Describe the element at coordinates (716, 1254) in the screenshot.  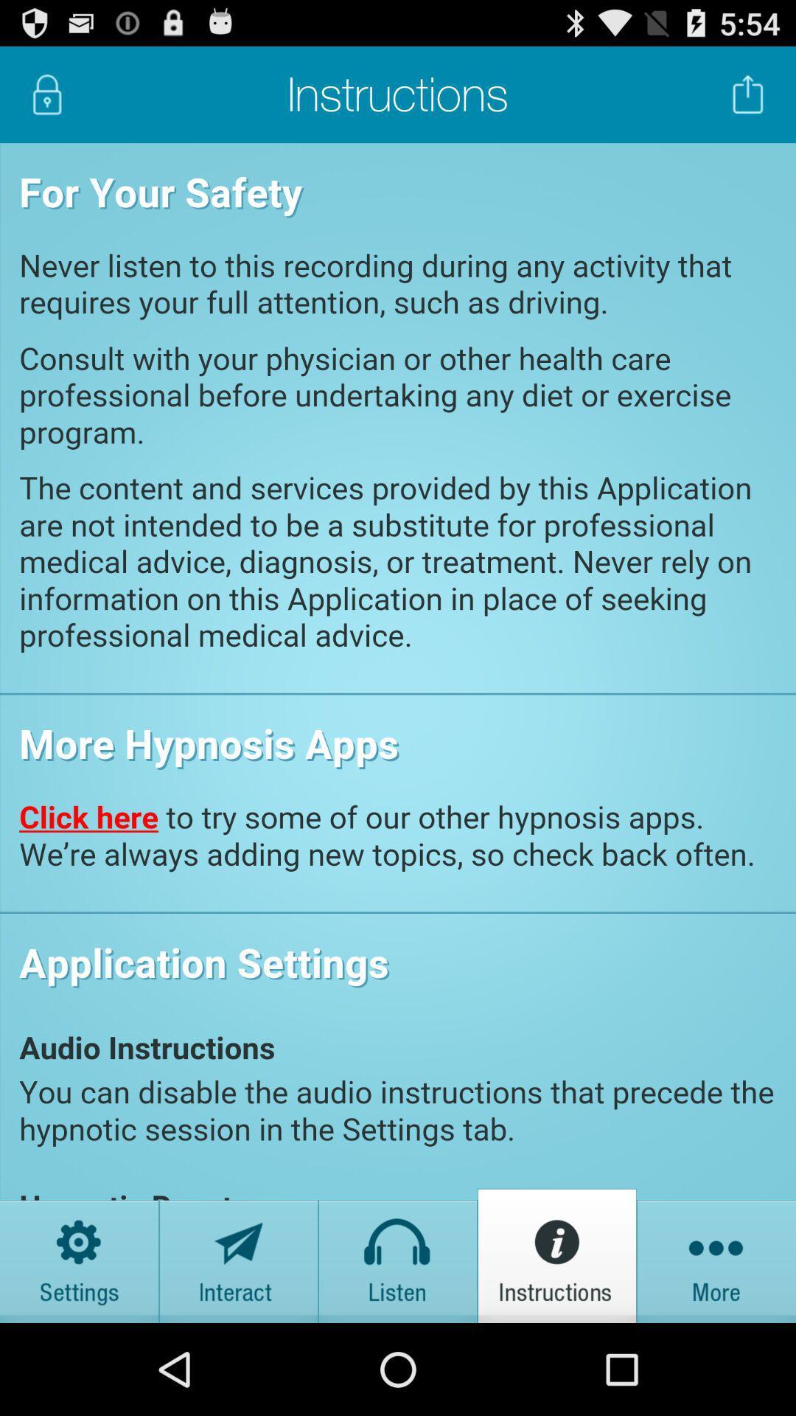
I see `click for more options` at that location.